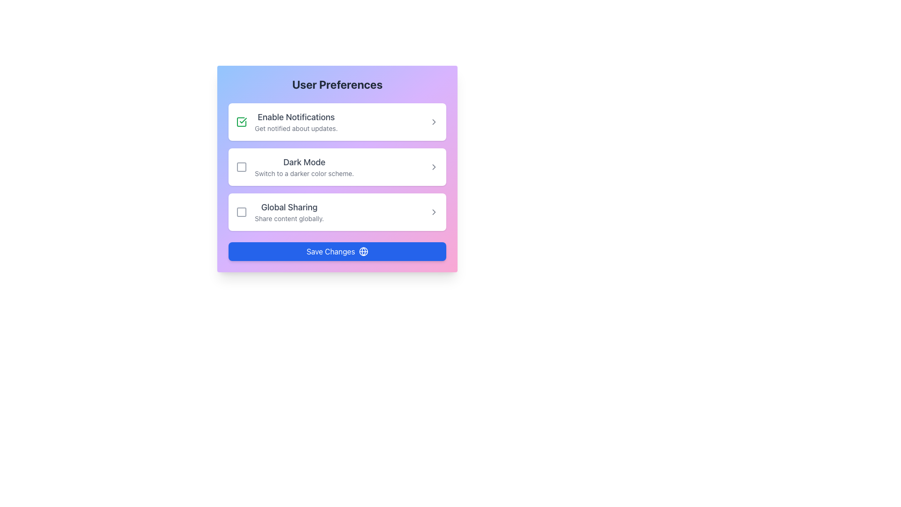 This screenshot has width=901, height=507. I want to click on the chevron icon located to the far-right of the 'Global Sharing' option, so click(434, 212).